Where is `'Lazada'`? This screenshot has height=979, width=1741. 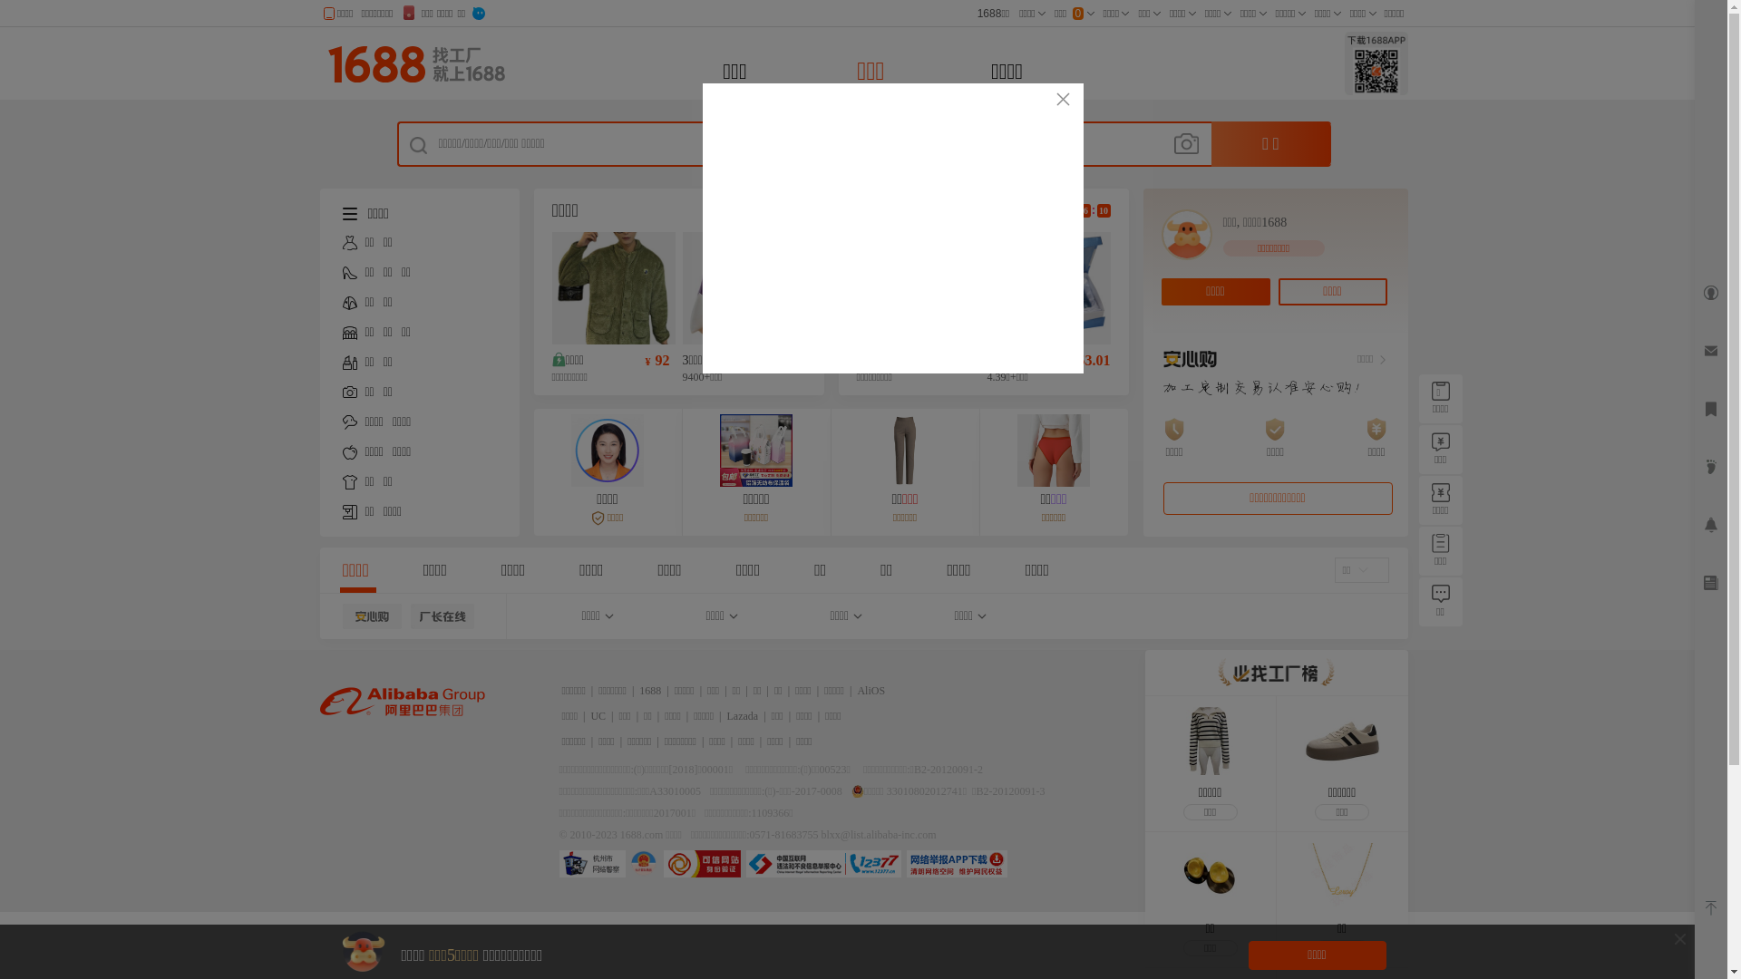
'Lazada' is located at coordinates (726, 715).